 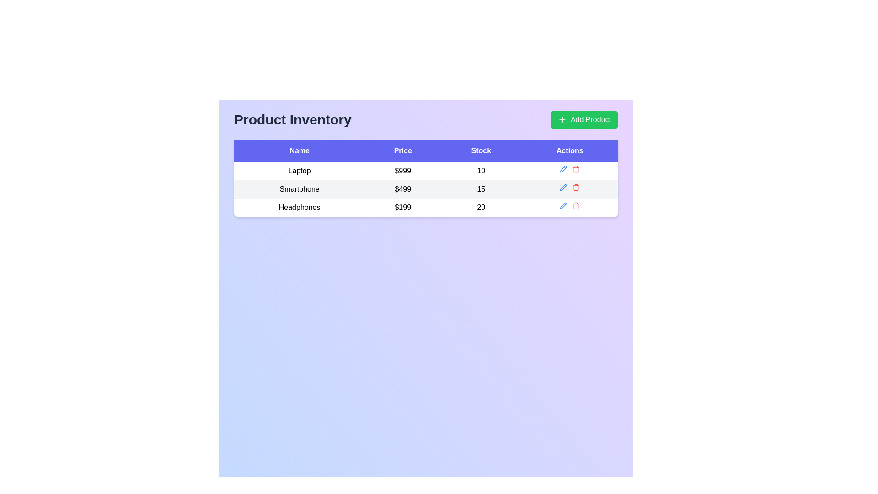 I want to click on the bold number '10' in the 'Stock' column of the table, which corresponds to the 'Laptop' item, so click(x=481, y=171).